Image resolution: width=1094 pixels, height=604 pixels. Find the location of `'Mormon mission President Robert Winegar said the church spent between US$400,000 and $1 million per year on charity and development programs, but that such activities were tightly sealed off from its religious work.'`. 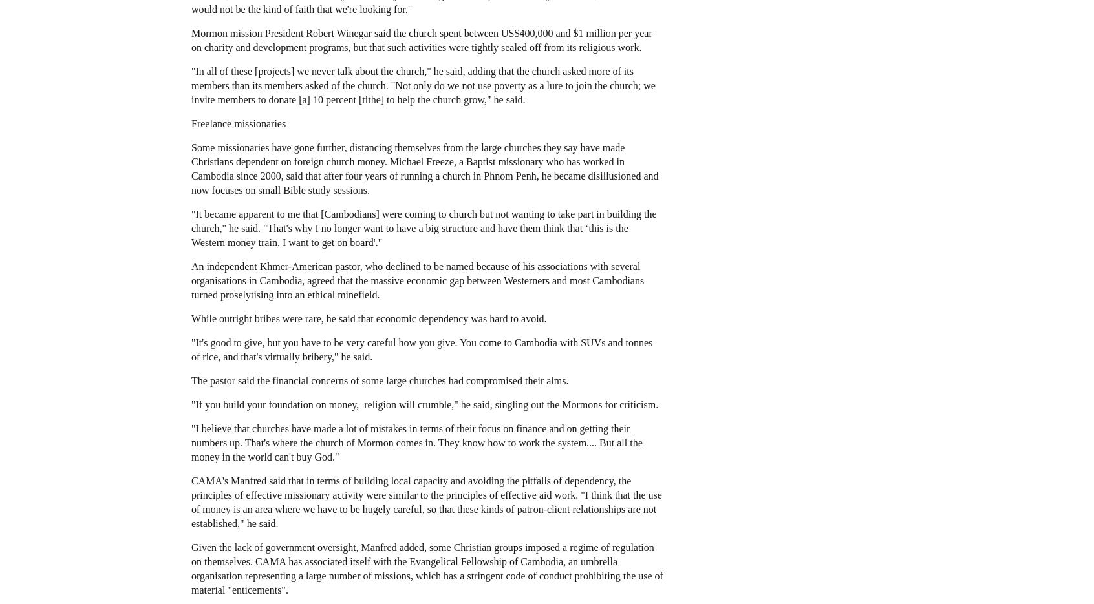

'Mormon mission President Robert Winegar said the church spent between US$400,000 and $1 million per year on charity and development programs, but that such activities were tightly sealed off from its religious work.' is located at coordinates (421, 39).